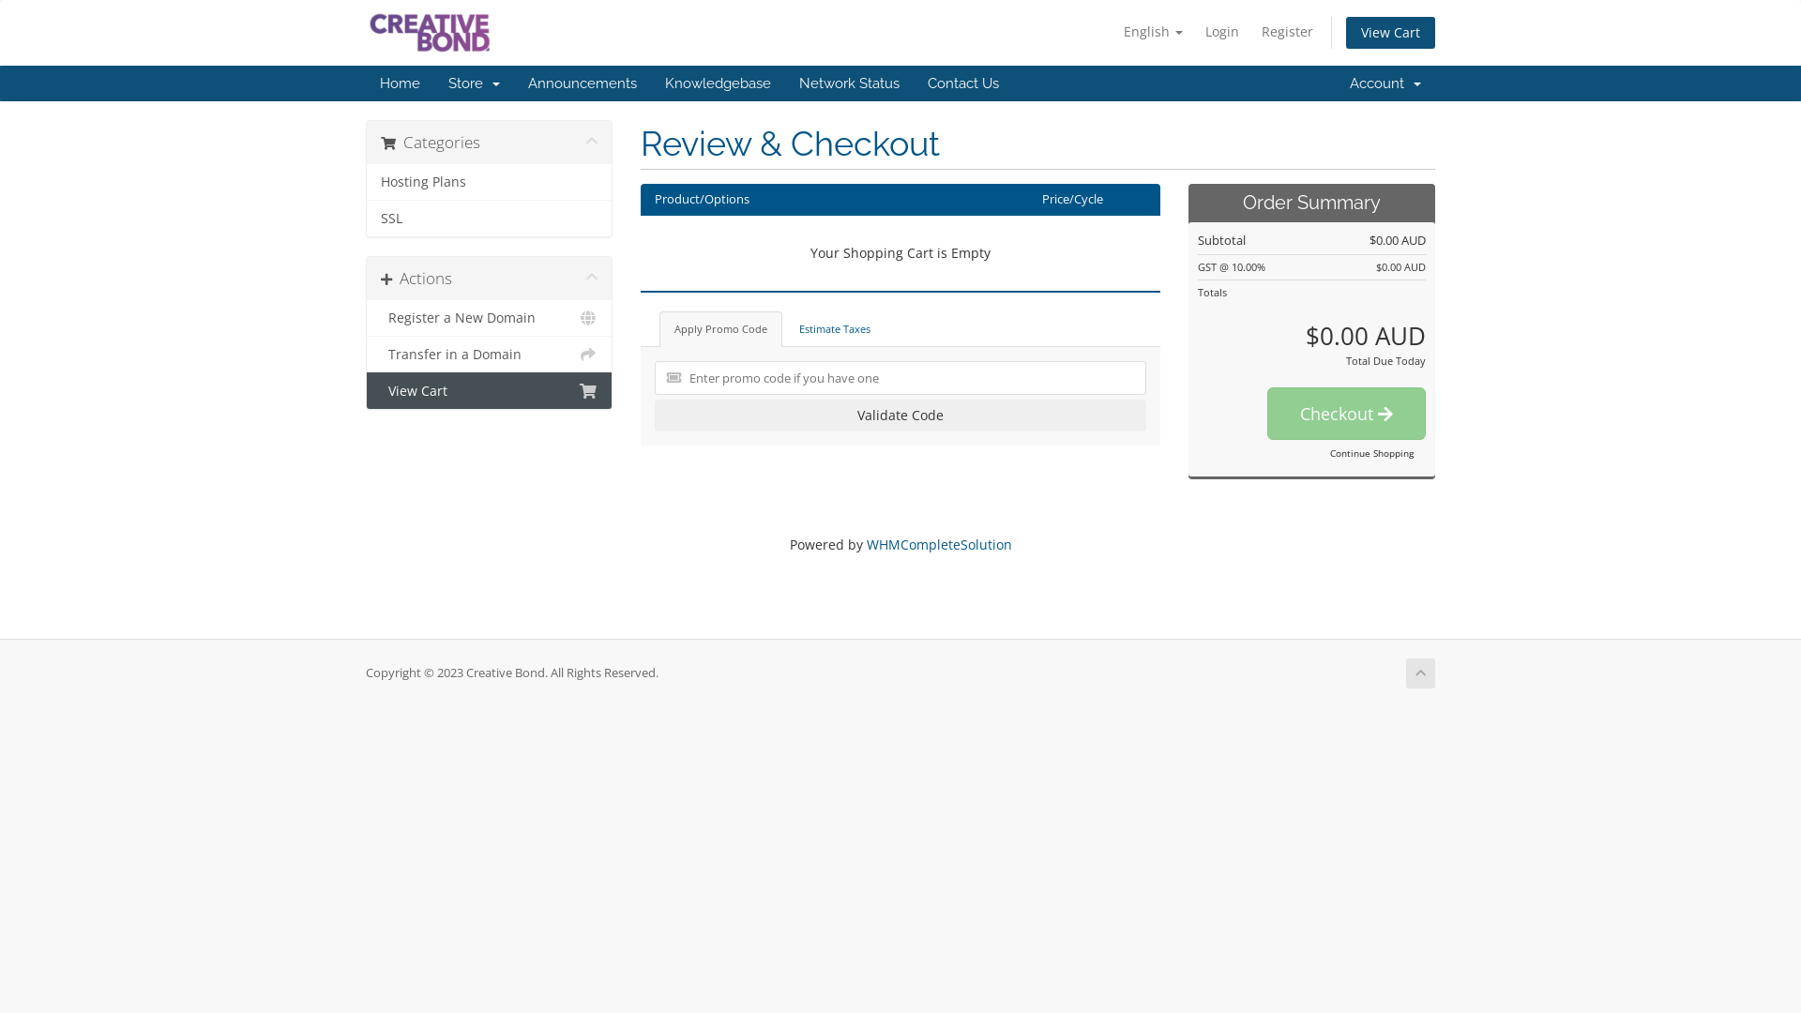  Describe the element at coordinates (399, 82) in the screenshot. I see `'Home'` at that location.